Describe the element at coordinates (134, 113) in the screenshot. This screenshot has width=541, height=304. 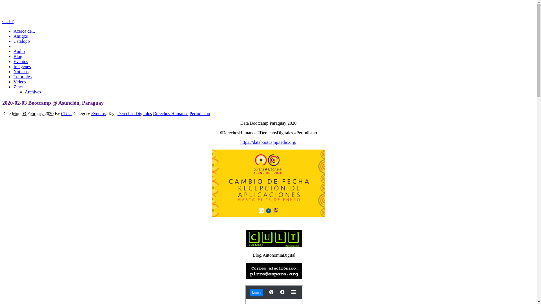
I see `'Derechos Digitales'` at that location.